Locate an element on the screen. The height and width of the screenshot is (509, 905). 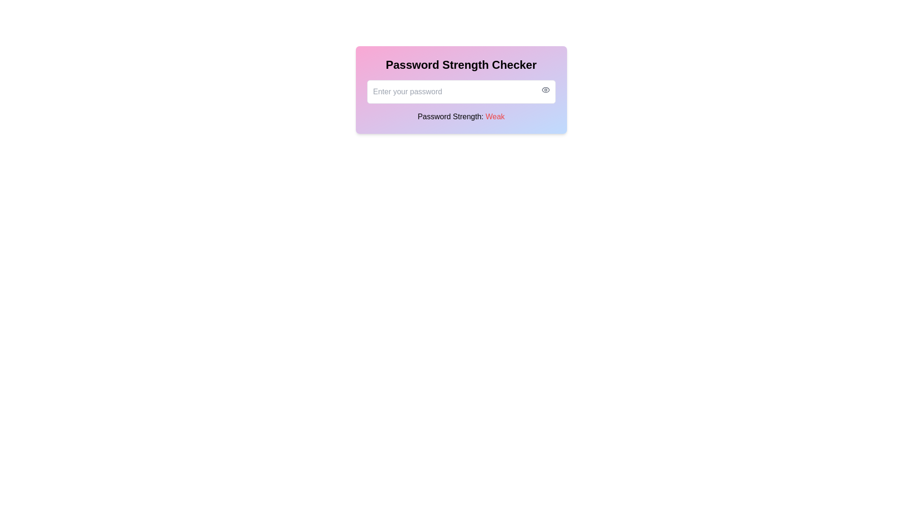
the eye icon button located at the top-right corner of the password input field is located at coordinates (545, 90).